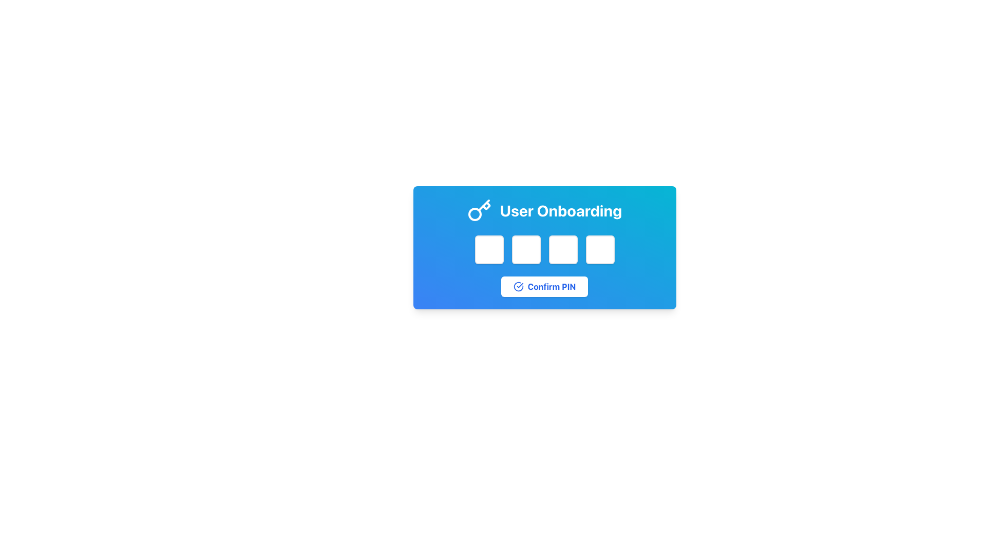 Image resolution: width=986 pixels, height=554 pixels. I want to click on the 'Confirm PIN' button, which is a rectangular button with a blue text label and a check-marked circle icon, so click(544, 287).